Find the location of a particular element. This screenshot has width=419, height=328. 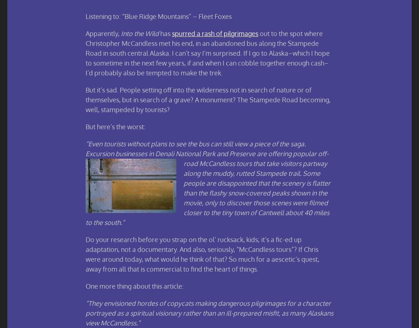

'out to the spot where Christopher McCandless met his end, in an abandoned bus along the Stampede Road in south central Alaska. I can’t say I’m surprised. If I go to Alaska–which I hope to sometime in the next few years, if and when I can cobble together enough cash–I’d probably also be tempted to make the trek.' is located at coordinates (208, 52).